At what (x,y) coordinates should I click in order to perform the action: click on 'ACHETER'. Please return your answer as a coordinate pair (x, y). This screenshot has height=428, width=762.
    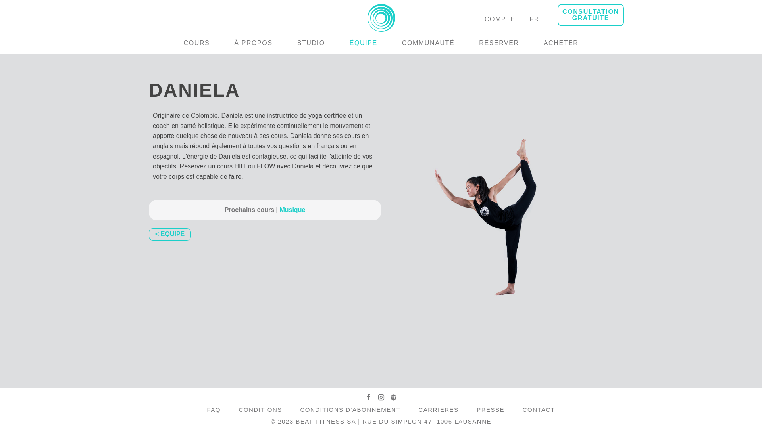
    Looking at the image, I should click on (561, 43).